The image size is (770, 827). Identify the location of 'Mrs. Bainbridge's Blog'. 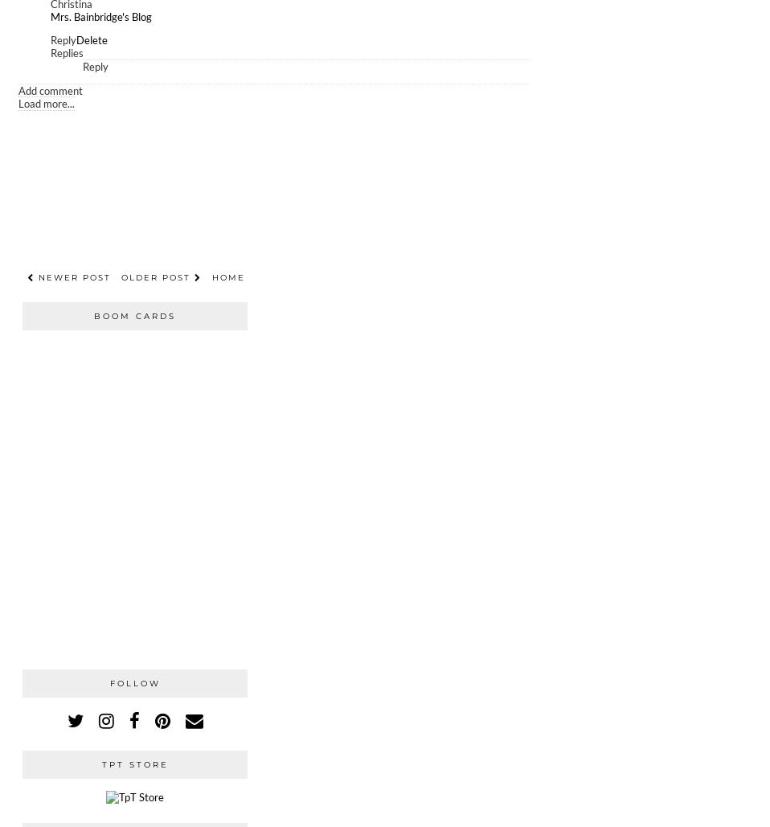
(100, 16).